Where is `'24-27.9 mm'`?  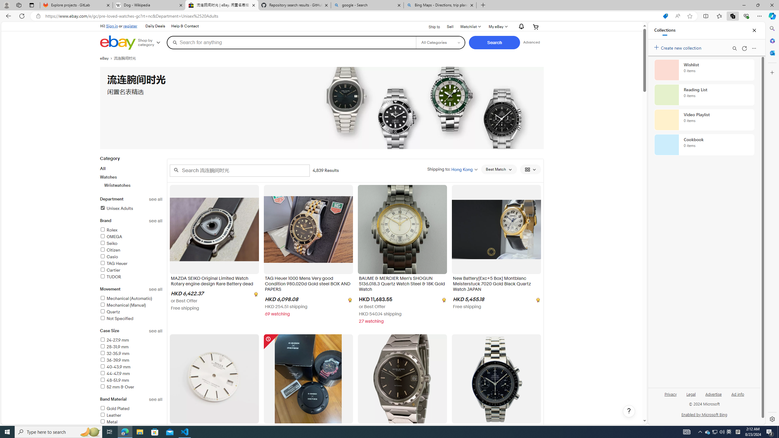 '24-27.9 mm' is located at coordinates (131, 340).